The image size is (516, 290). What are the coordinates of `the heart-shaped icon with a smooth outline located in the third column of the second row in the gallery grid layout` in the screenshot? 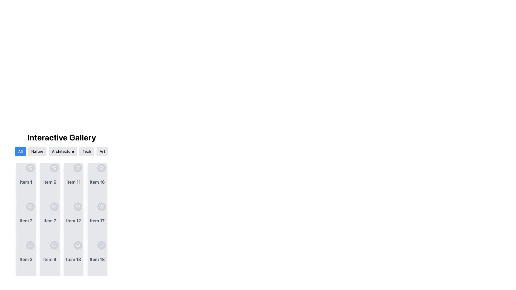 It's located at (77, 168).